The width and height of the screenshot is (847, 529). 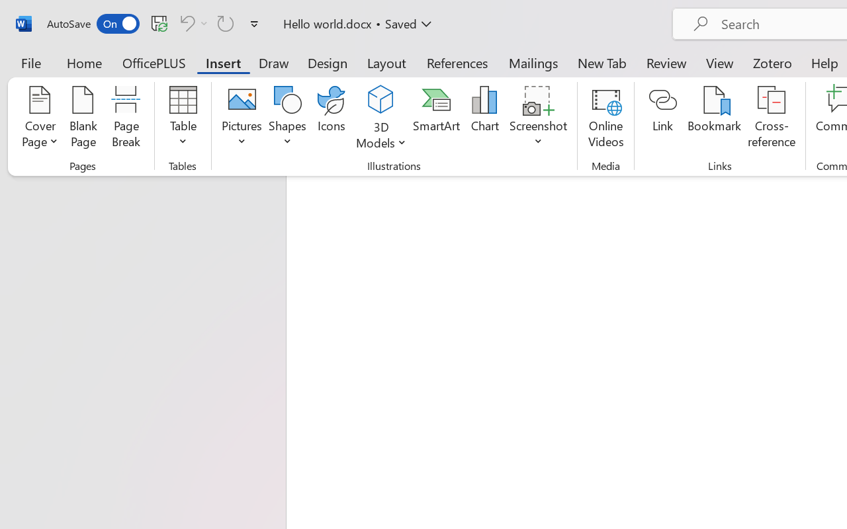 I want to click on 'Quick Access Toolbar', so click(x=155, y=23).